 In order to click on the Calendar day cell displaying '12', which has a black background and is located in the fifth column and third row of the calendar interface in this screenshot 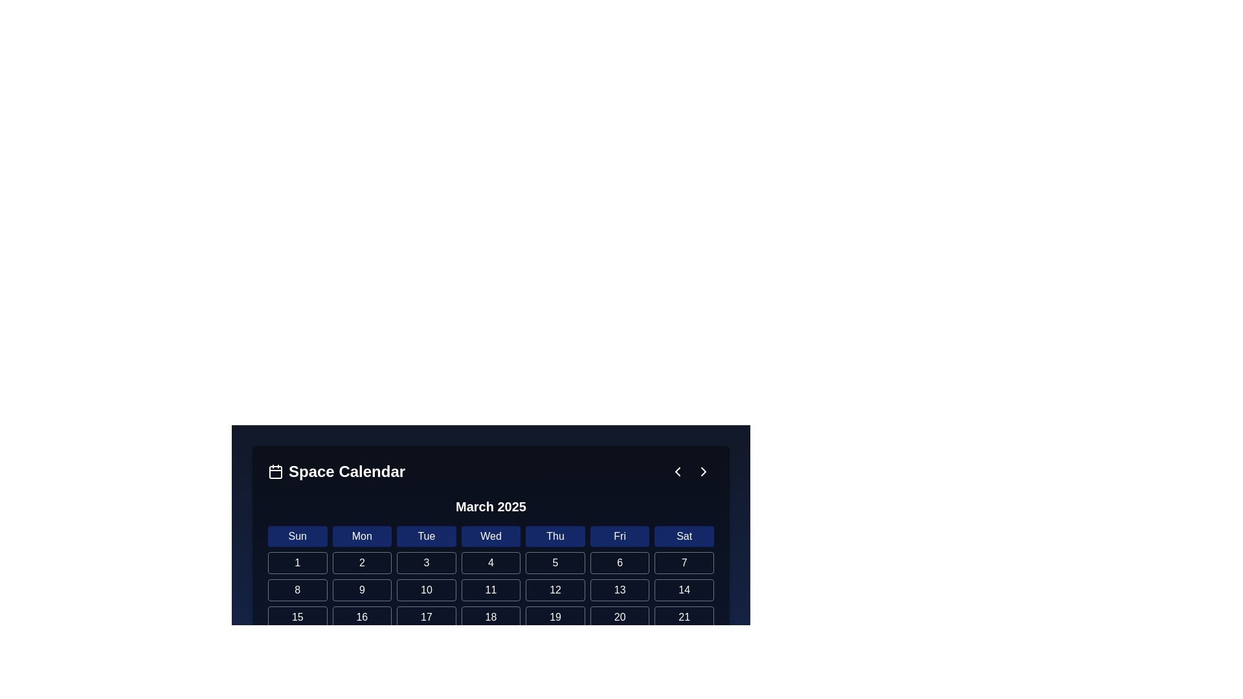, I will do `click(555, 590)`.